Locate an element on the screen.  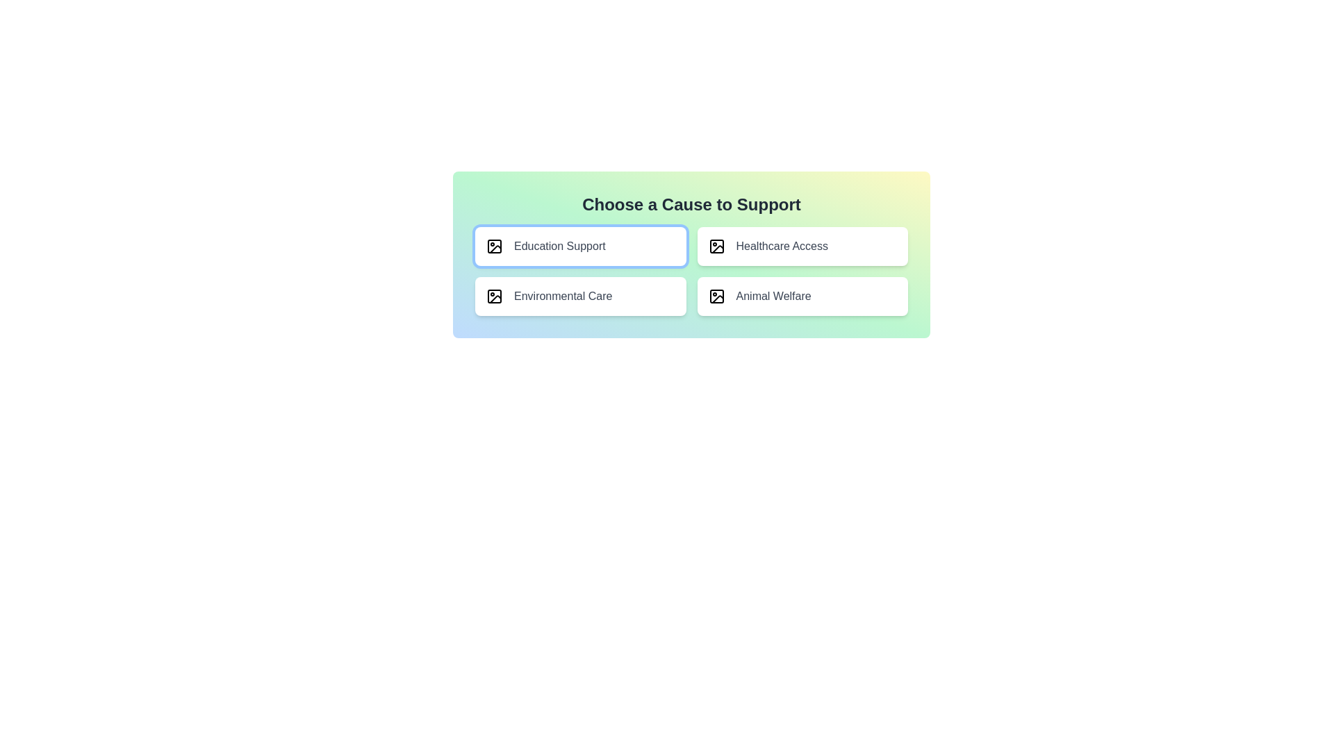
the 'Education Support' selectable card is located at coordinates (580, 245).